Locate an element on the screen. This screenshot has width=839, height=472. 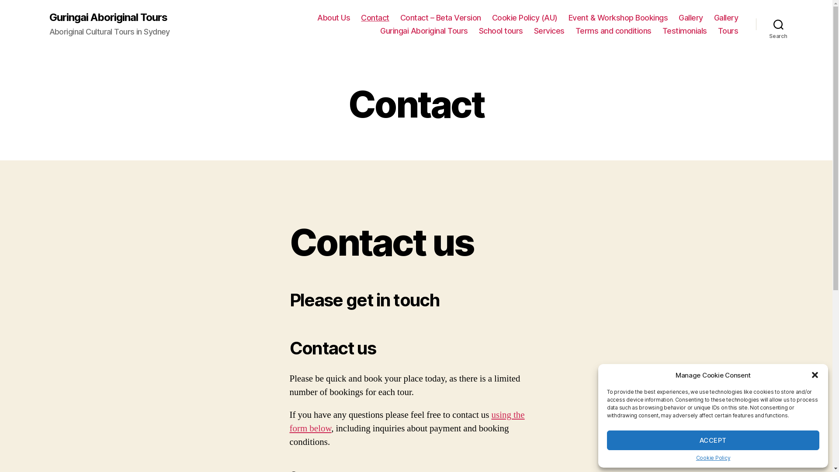
'Cookie Policy (AU)' is located at coordinates (524, 18).